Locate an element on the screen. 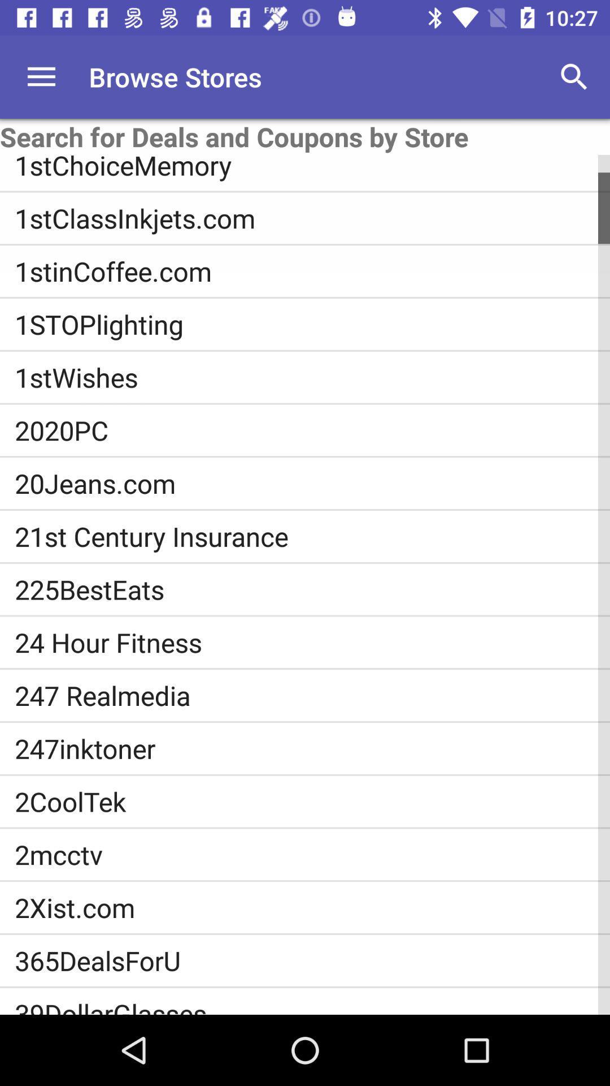 The image size is (610, 1086). icon above 2xist.com is located at coordinates (312, 854).